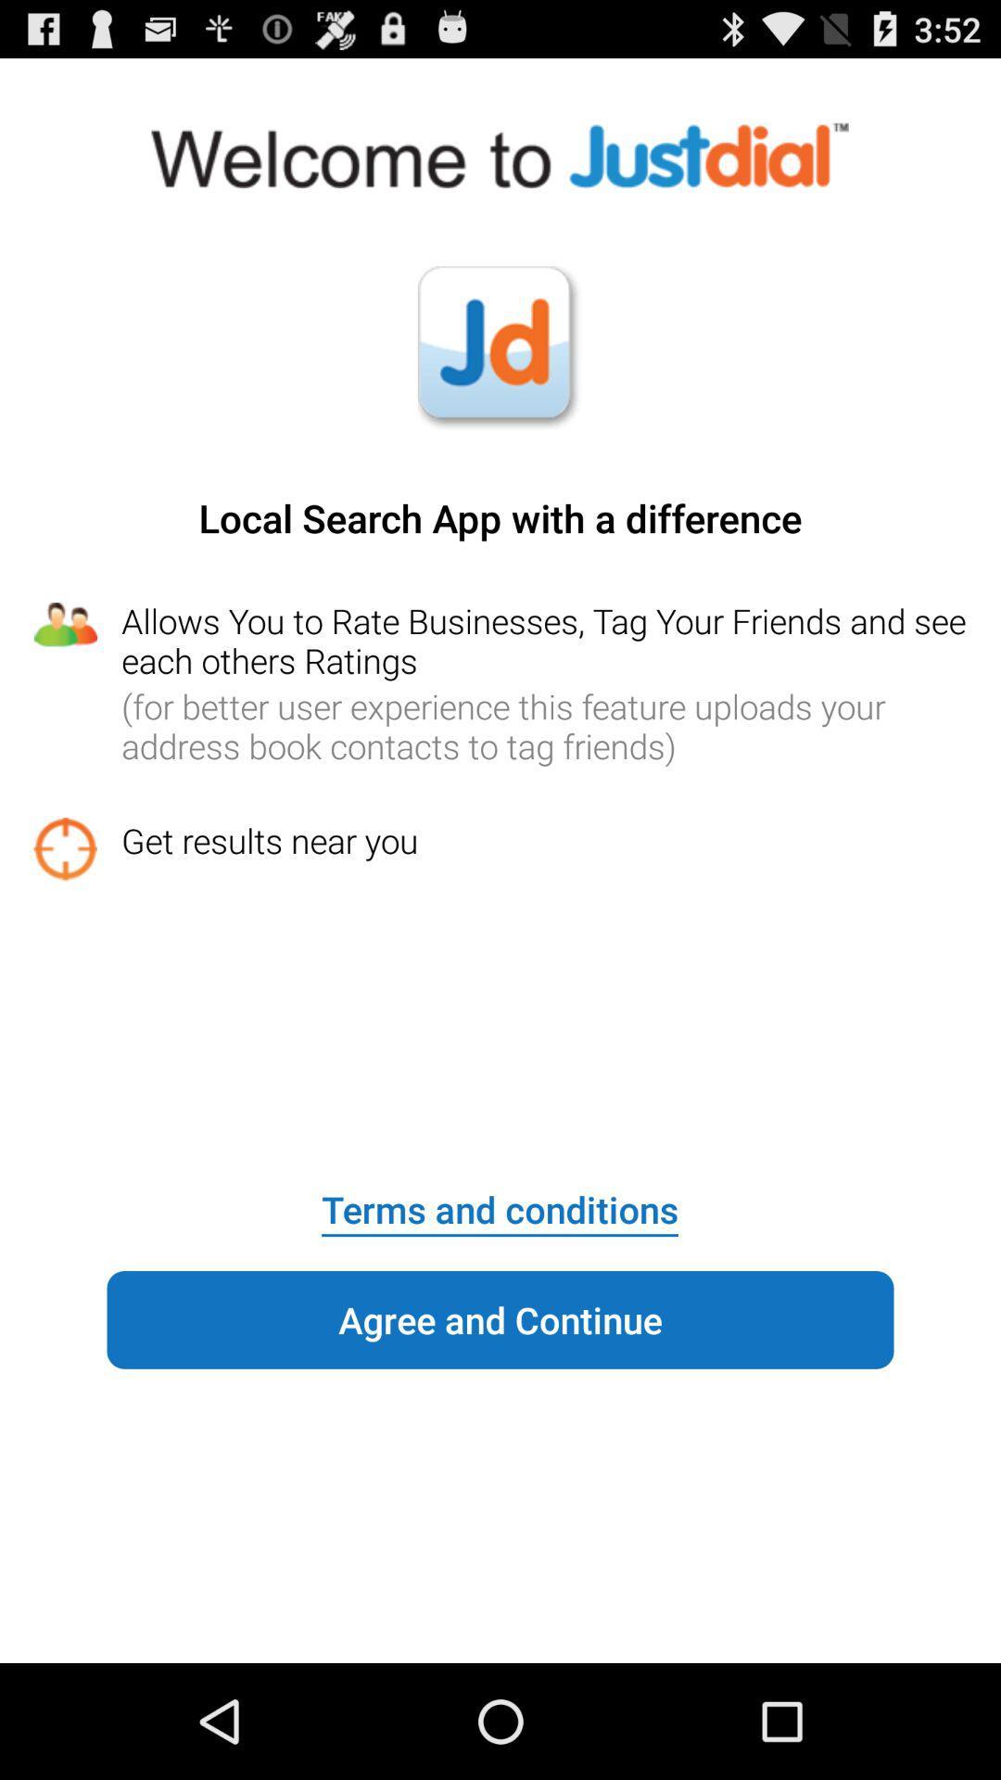 This screenshot has width=1001, height=1780. What do you see at coordinates (499, 1197) in the screenshot?
I see `terms and conditions` at bounding box center [499, 1197].